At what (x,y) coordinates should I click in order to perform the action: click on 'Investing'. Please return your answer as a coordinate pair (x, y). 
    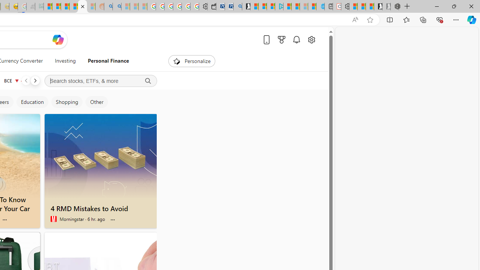
    Looking at the image, I should click on (65, 61).